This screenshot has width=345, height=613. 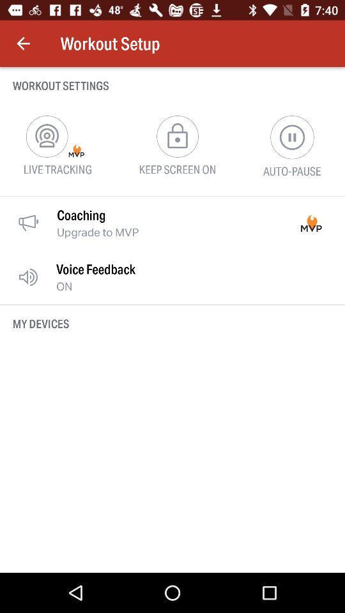 I want to click on item next to the workout setup icon, so click(x=23, y=43).